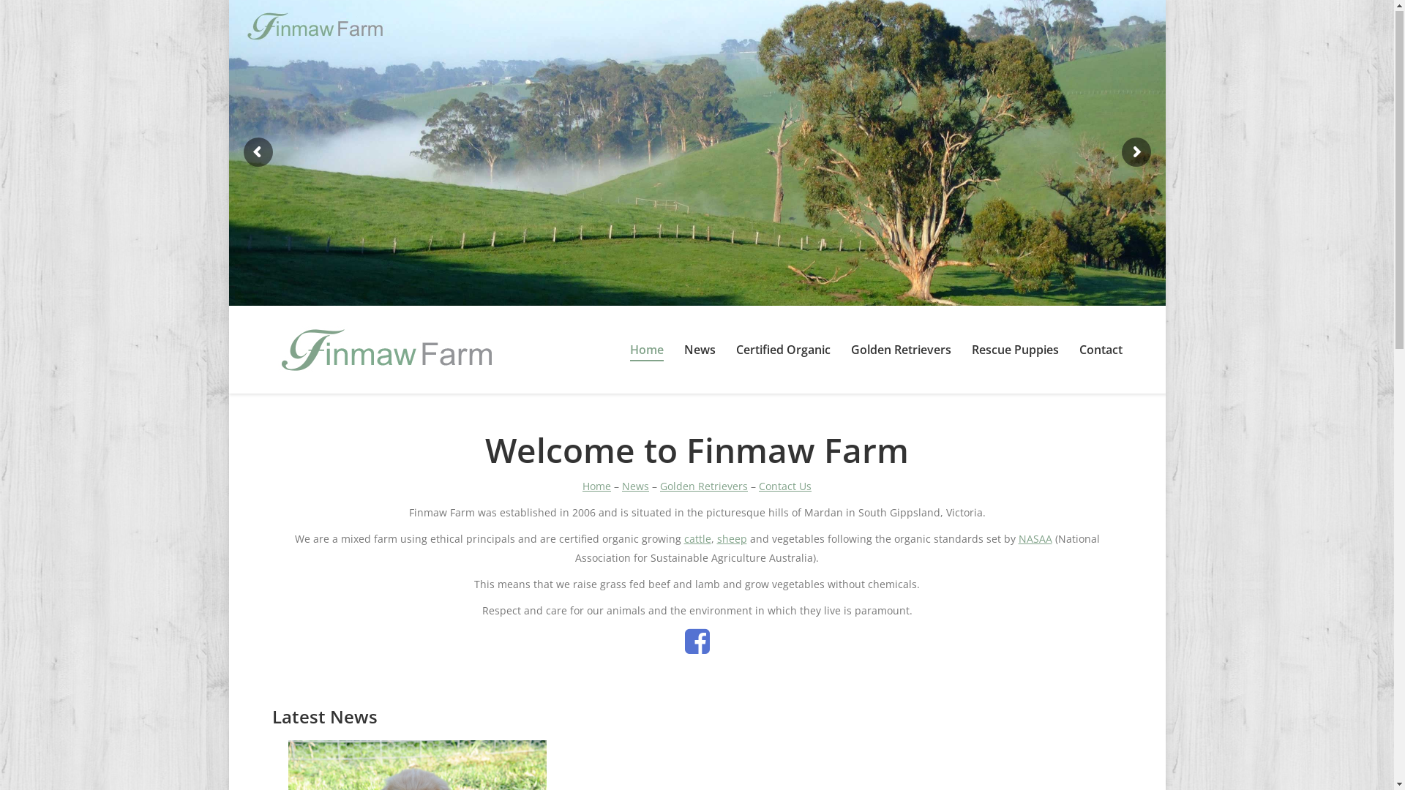  Describe the element at coordinates (696, 540) in the screenshot. I see `'cattle'` at that location.